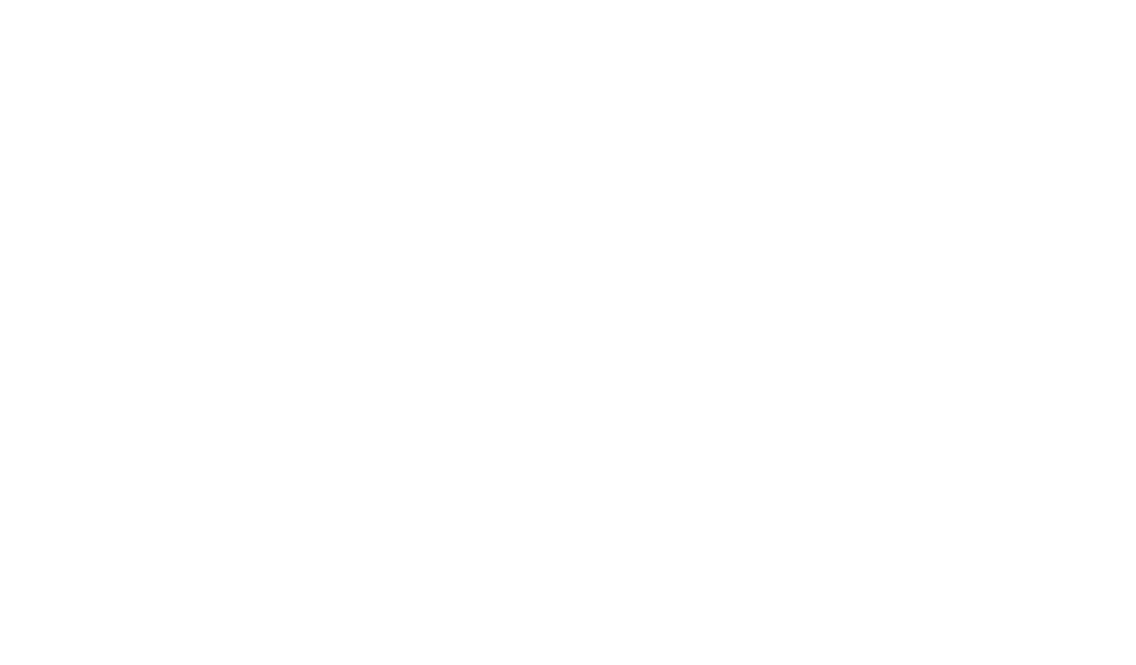 The width and height of the screenshot is (1136, 665). Describe the element at coordinates (401, 635) in the screenshot. I see `'Once upon a time in the world of welding, Kemppi created X8'` at that location.